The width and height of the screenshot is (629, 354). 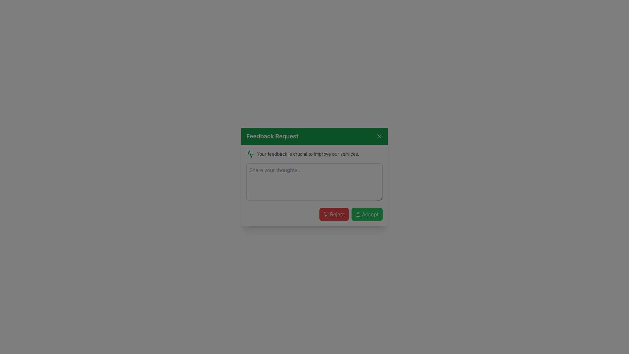 I want to click on the 'Reject' button located in the bottom left corner of the modal dialog, which contains the 'thumbs-down' icon, so click(x=326, y=214).